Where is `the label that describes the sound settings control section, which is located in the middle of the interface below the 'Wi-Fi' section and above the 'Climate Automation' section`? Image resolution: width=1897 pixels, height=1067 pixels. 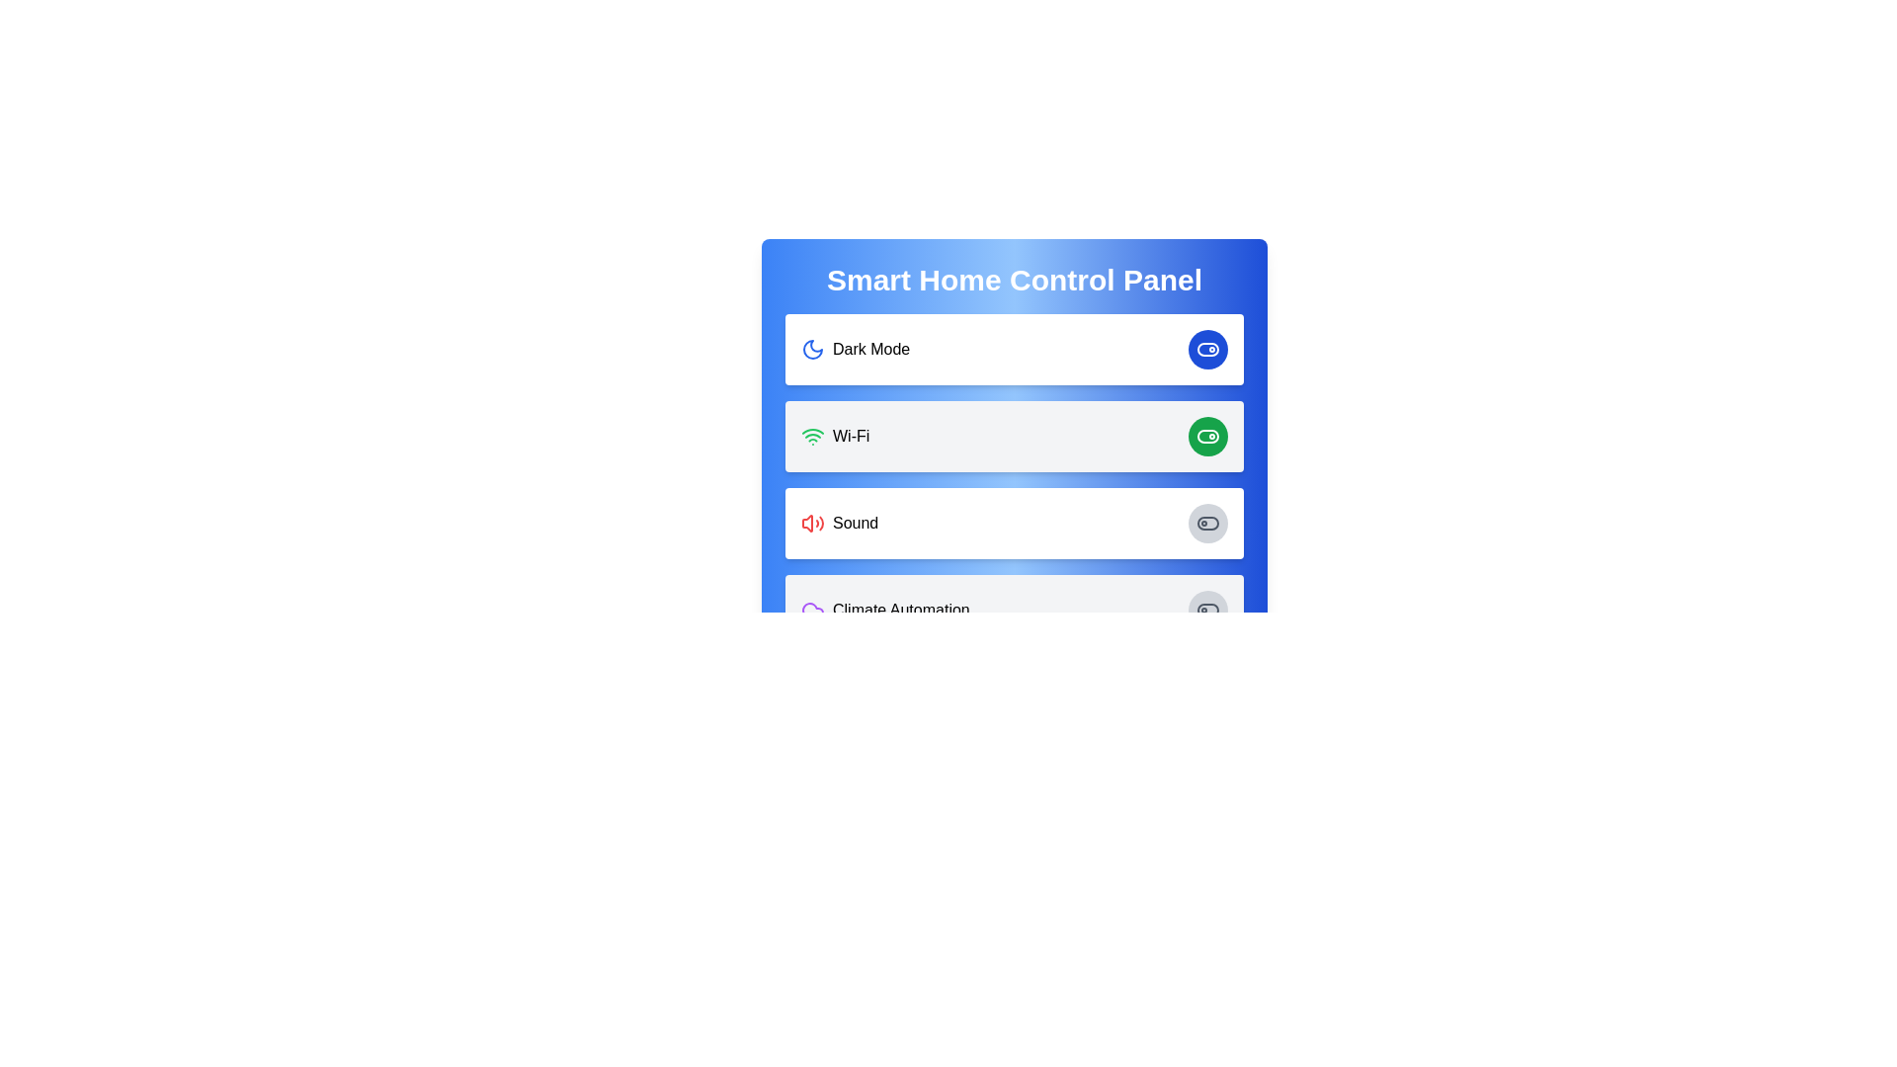 the label that describes the sound settings control section, which is located in the middle of the interface below the 'Wi-Fi' section and above the 'Climate Automation' section is located at coordinates (856, 522).